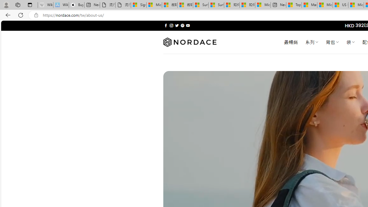 The image size is (368, 207). Describe the element at coordinates (177, 25) in the screenshot. I see `'Follow on Twitter'` at that location.